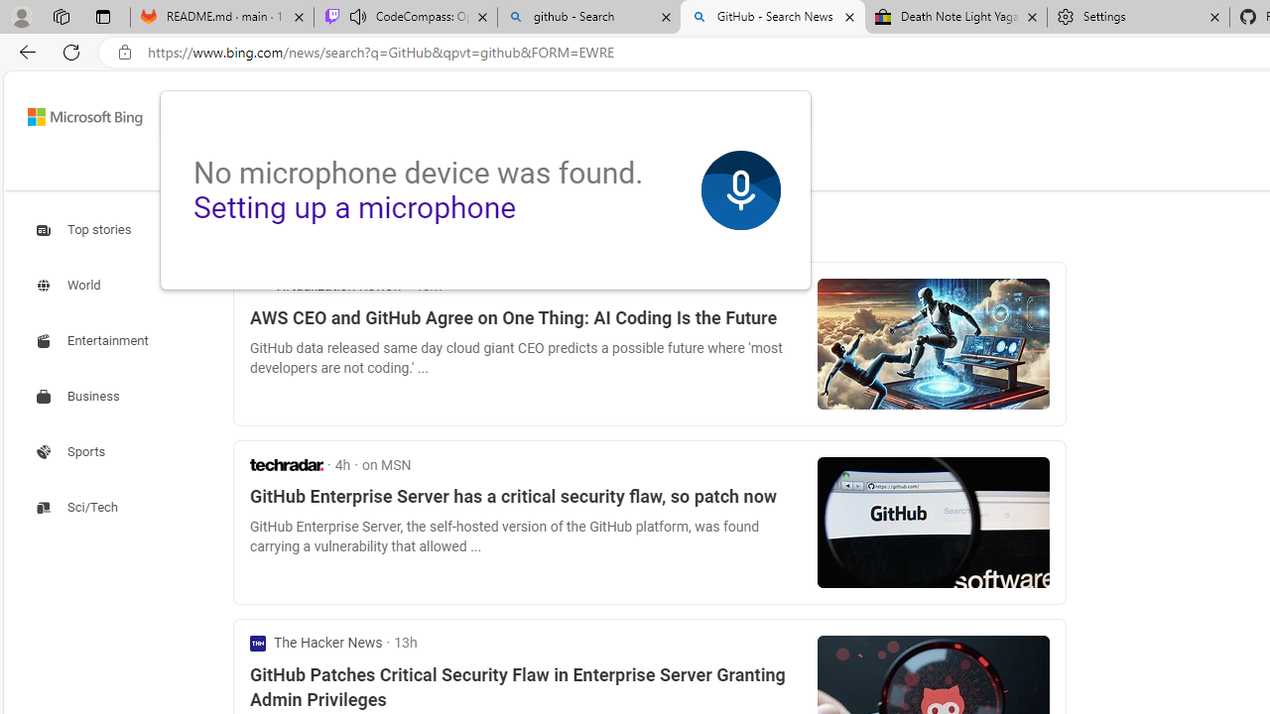  Describe the element at coordinates (102, 16) in the screenshot. I see `'Tab actions menu'` at that location.